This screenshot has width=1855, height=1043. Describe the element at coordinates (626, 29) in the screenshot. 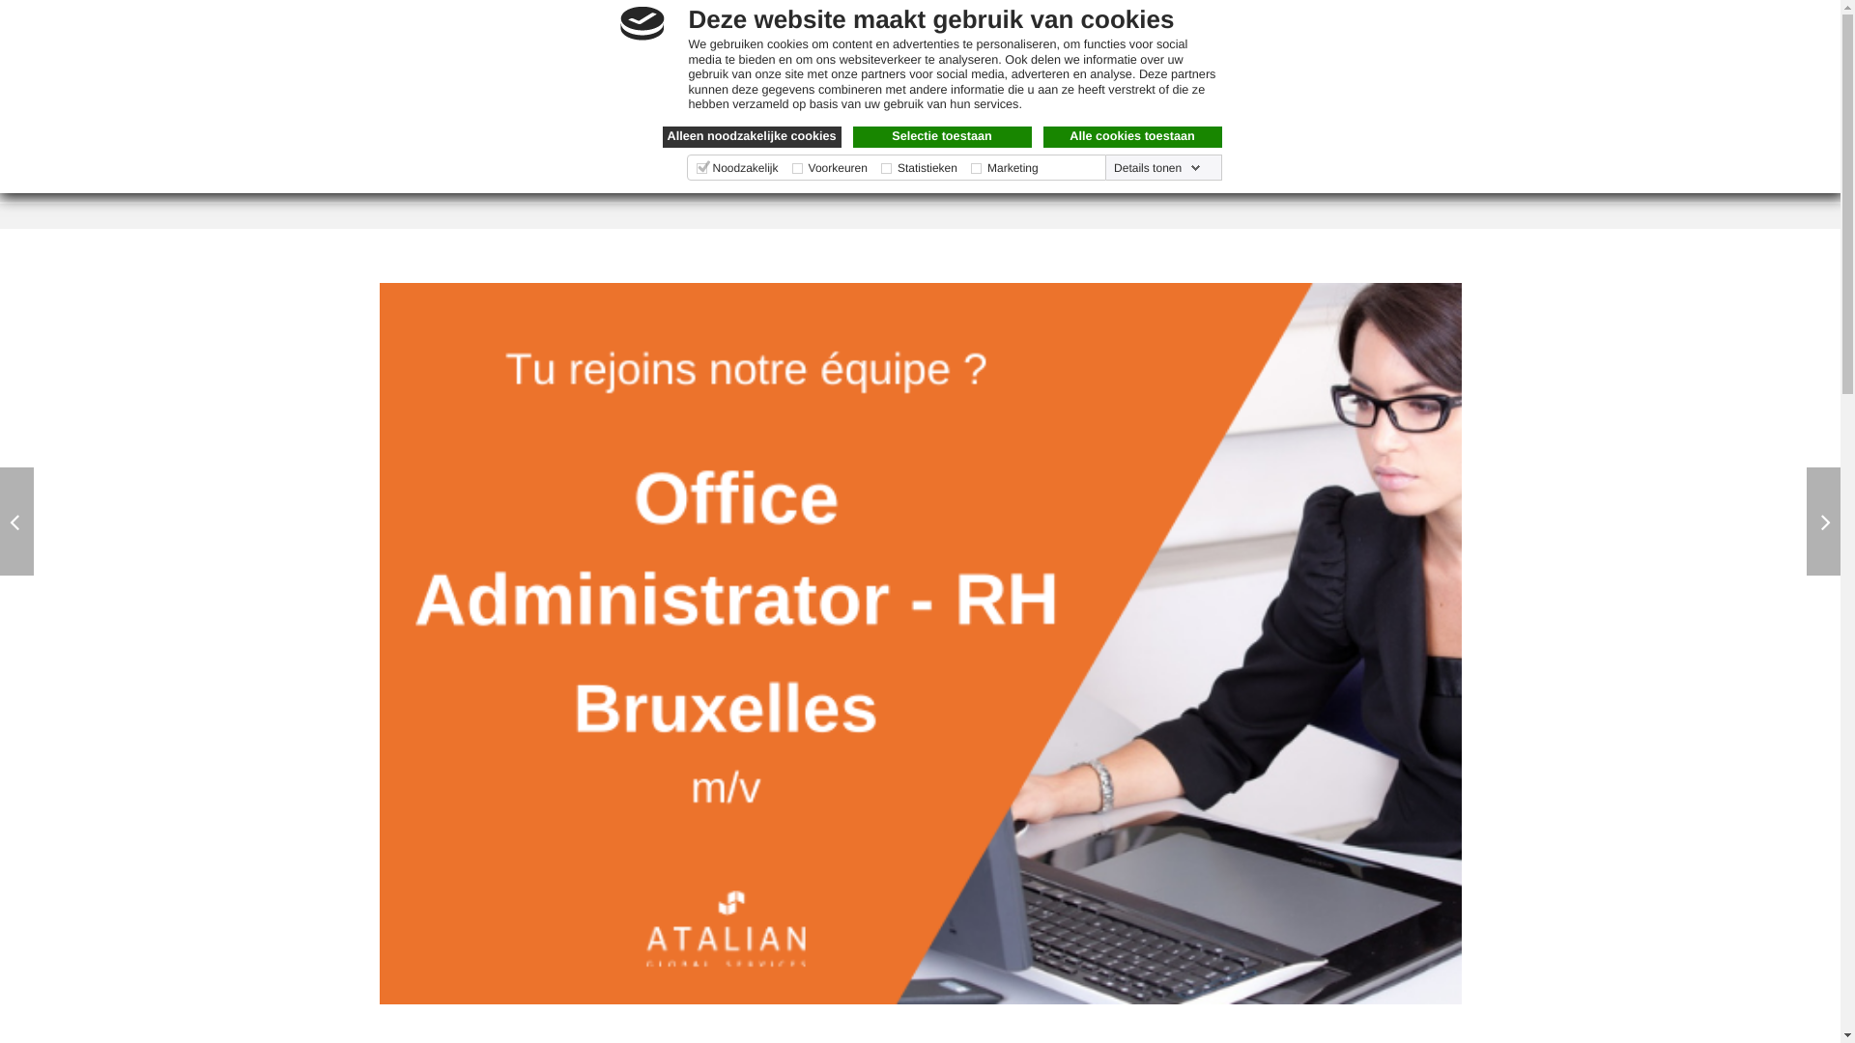

I see `'Nederlands'` at that location.